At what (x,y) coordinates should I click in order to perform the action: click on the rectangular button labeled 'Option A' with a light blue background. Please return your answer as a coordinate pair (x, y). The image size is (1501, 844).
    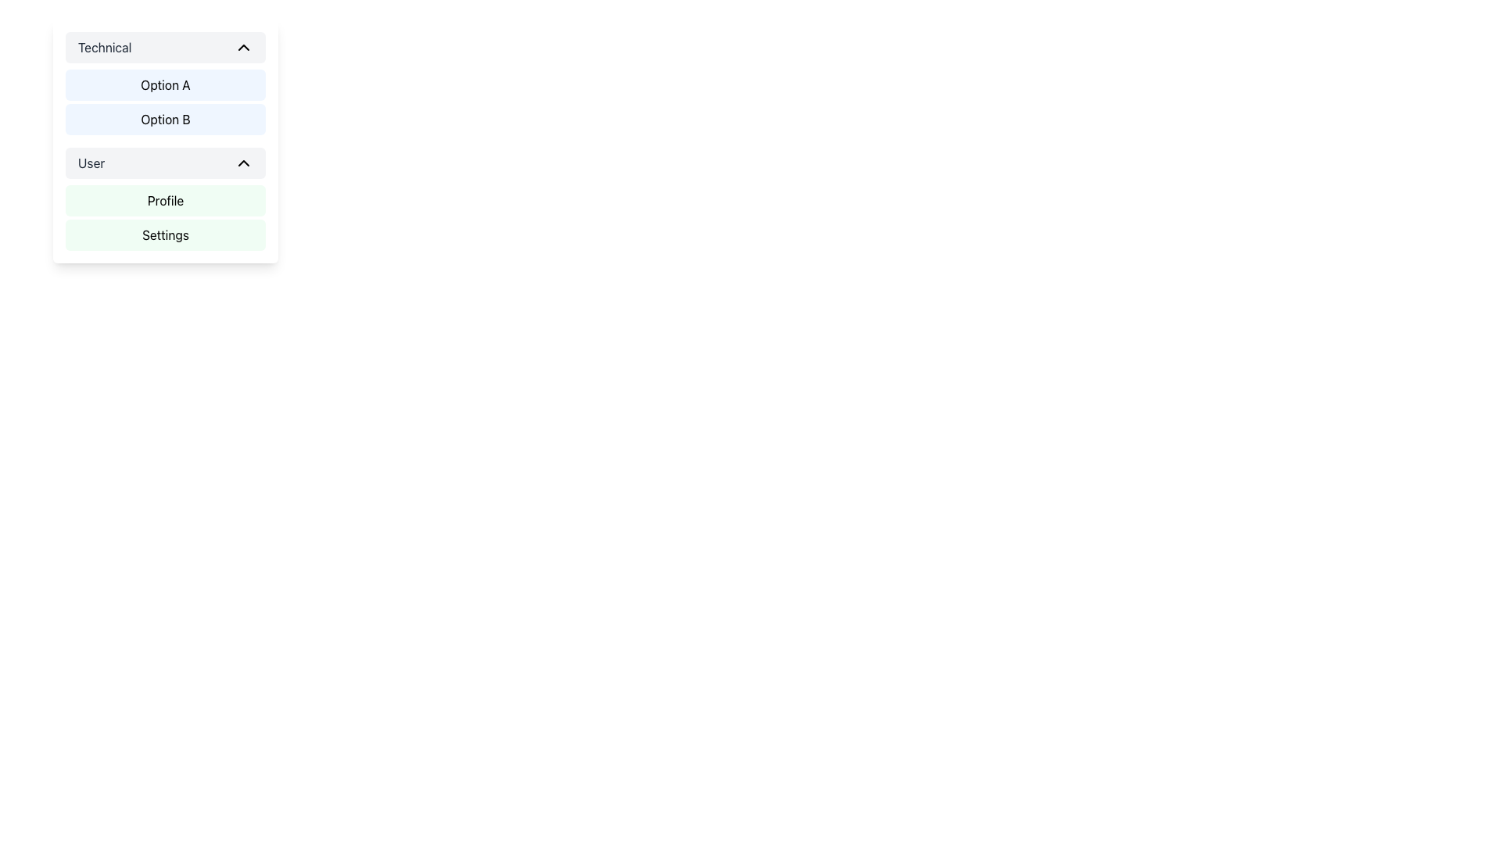
    Looking at the image, I should click on (165, 84).